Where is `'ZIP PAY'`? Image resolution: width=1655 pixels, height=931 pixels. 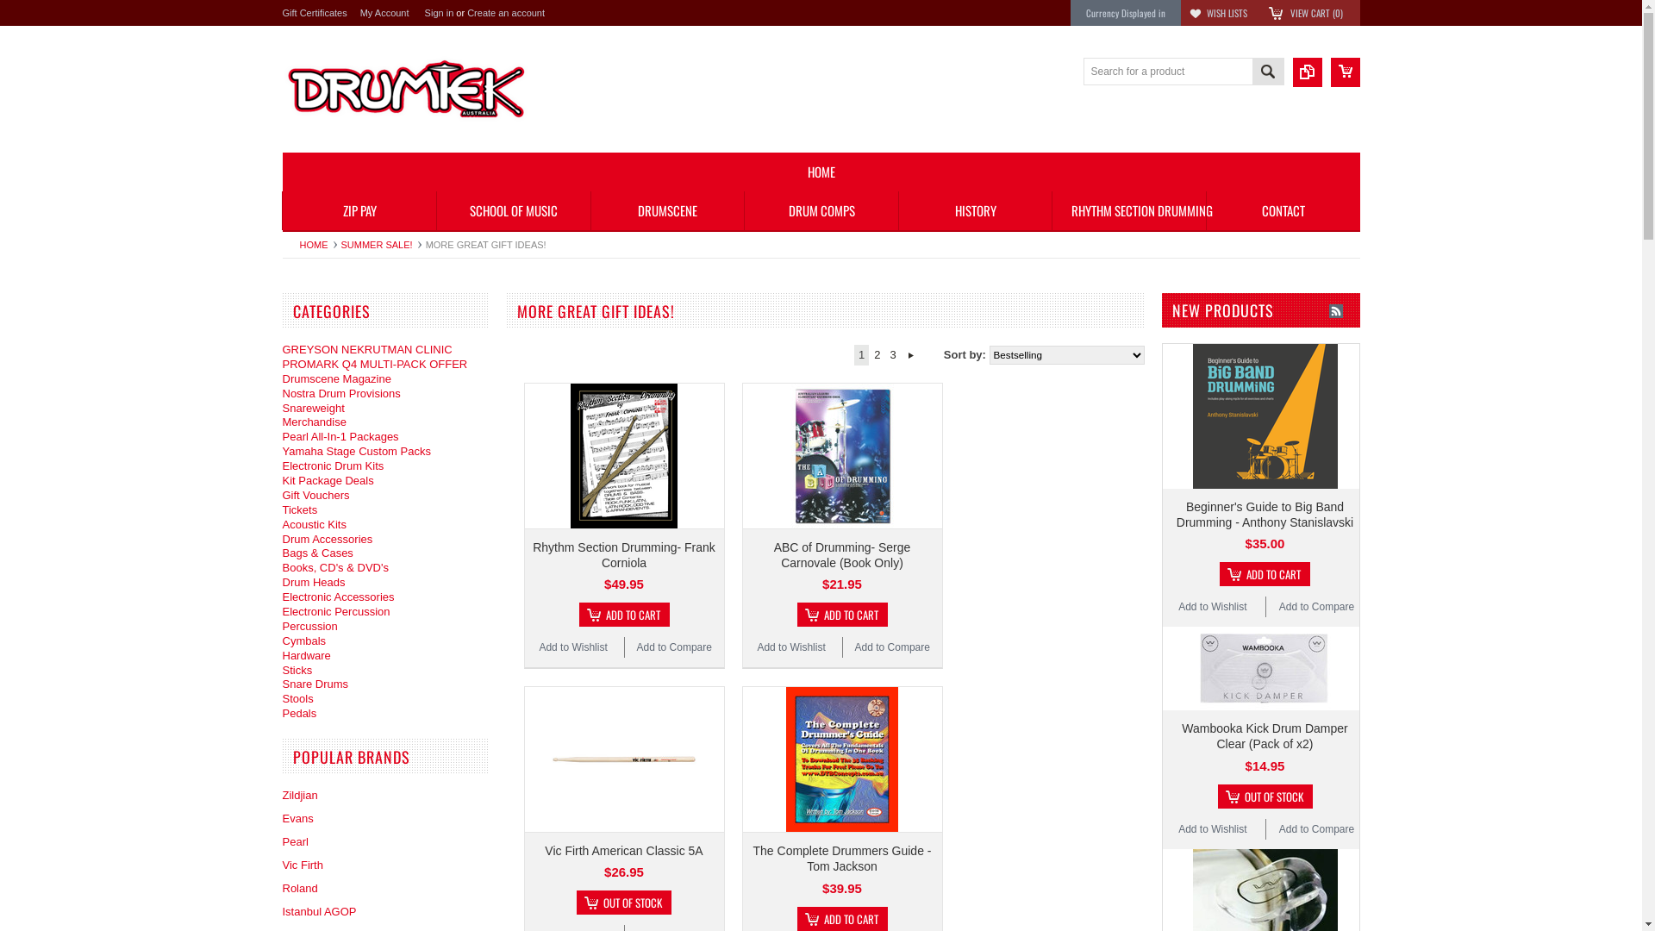
'ZIP PAY' is located at coordinates (358, 209).